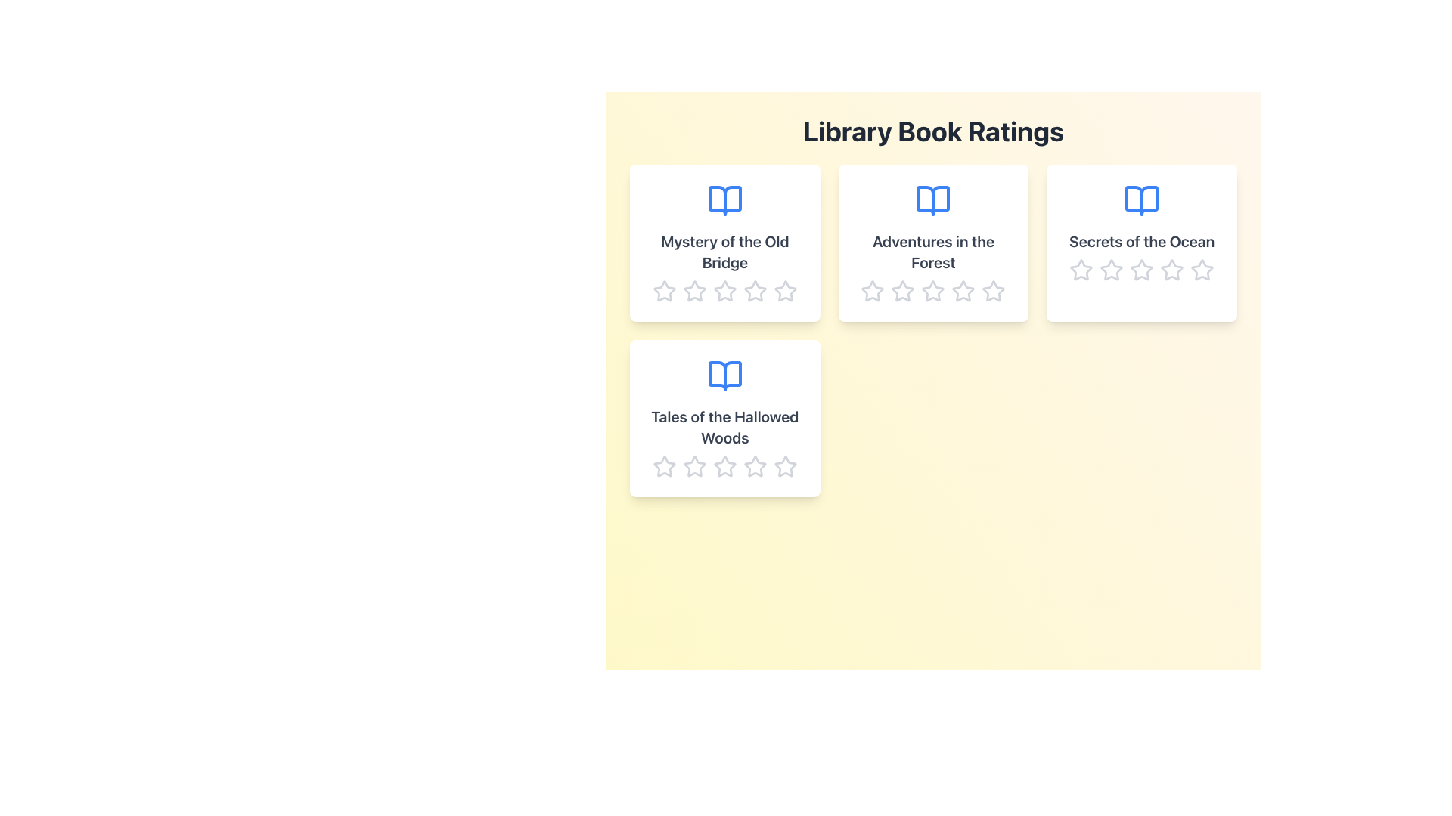 Image resolution: width=1452 pixels, height=816 pixels. What do you see at coordinates (1112, 269) in the screenshot?
I see `the unselected gray outlined second star in the rating component under the 'Secrets of the Ocean' card` at bounding box center [1112, 269].